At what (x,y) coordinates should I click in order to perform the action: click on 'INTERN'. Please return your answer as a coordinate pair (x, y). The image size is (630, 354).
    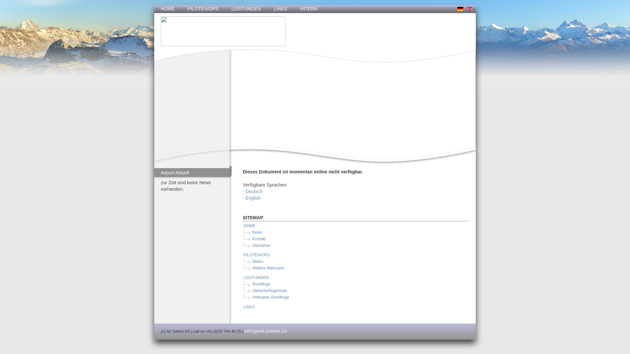
    Looking at the image, I should click on (308, 9).